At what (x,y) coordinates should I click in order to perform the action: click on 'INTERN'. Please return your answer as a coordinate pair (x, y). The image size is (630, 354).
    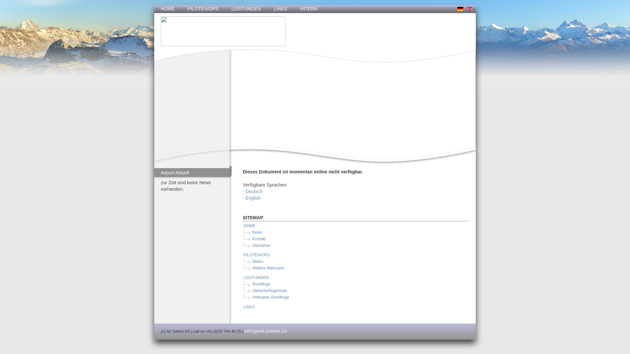
    Looking at the image, I should click on (308, 9).